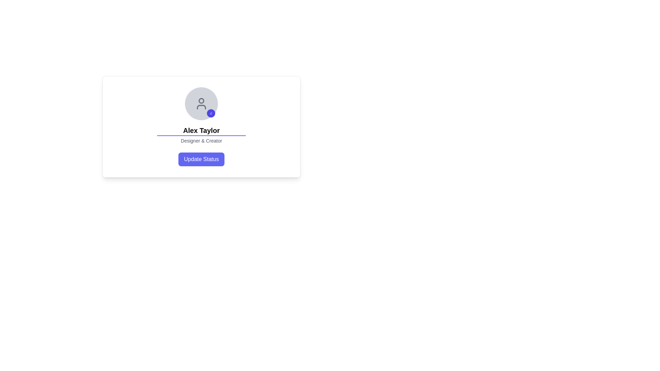  What do you see at coordinates (211, 113) in the screenshot?
I see `the small circular button with a blue background and white pen icon located at the lower right corner of the avatar display to initiate editing` at bounding box center [211, 113].